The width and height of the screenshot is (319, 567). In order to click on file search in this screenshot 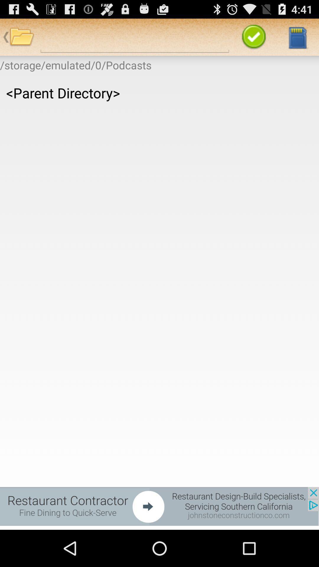, I will do `click(135, 37)`.